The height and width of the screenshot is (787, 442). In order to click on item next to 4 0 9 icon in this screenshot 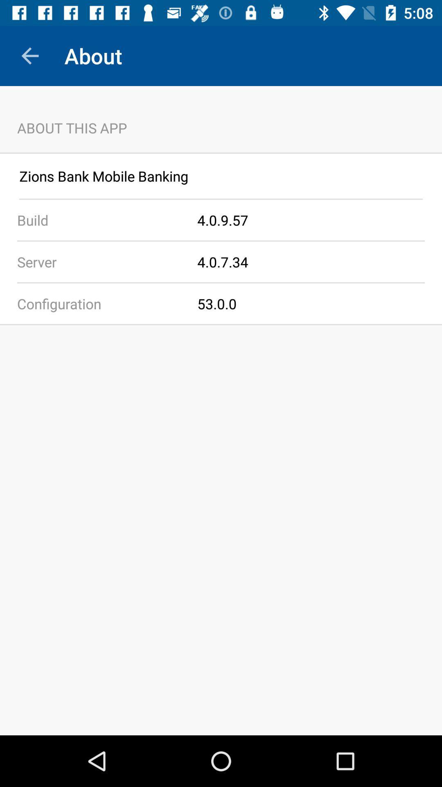, I will do `click(98, 220)`.